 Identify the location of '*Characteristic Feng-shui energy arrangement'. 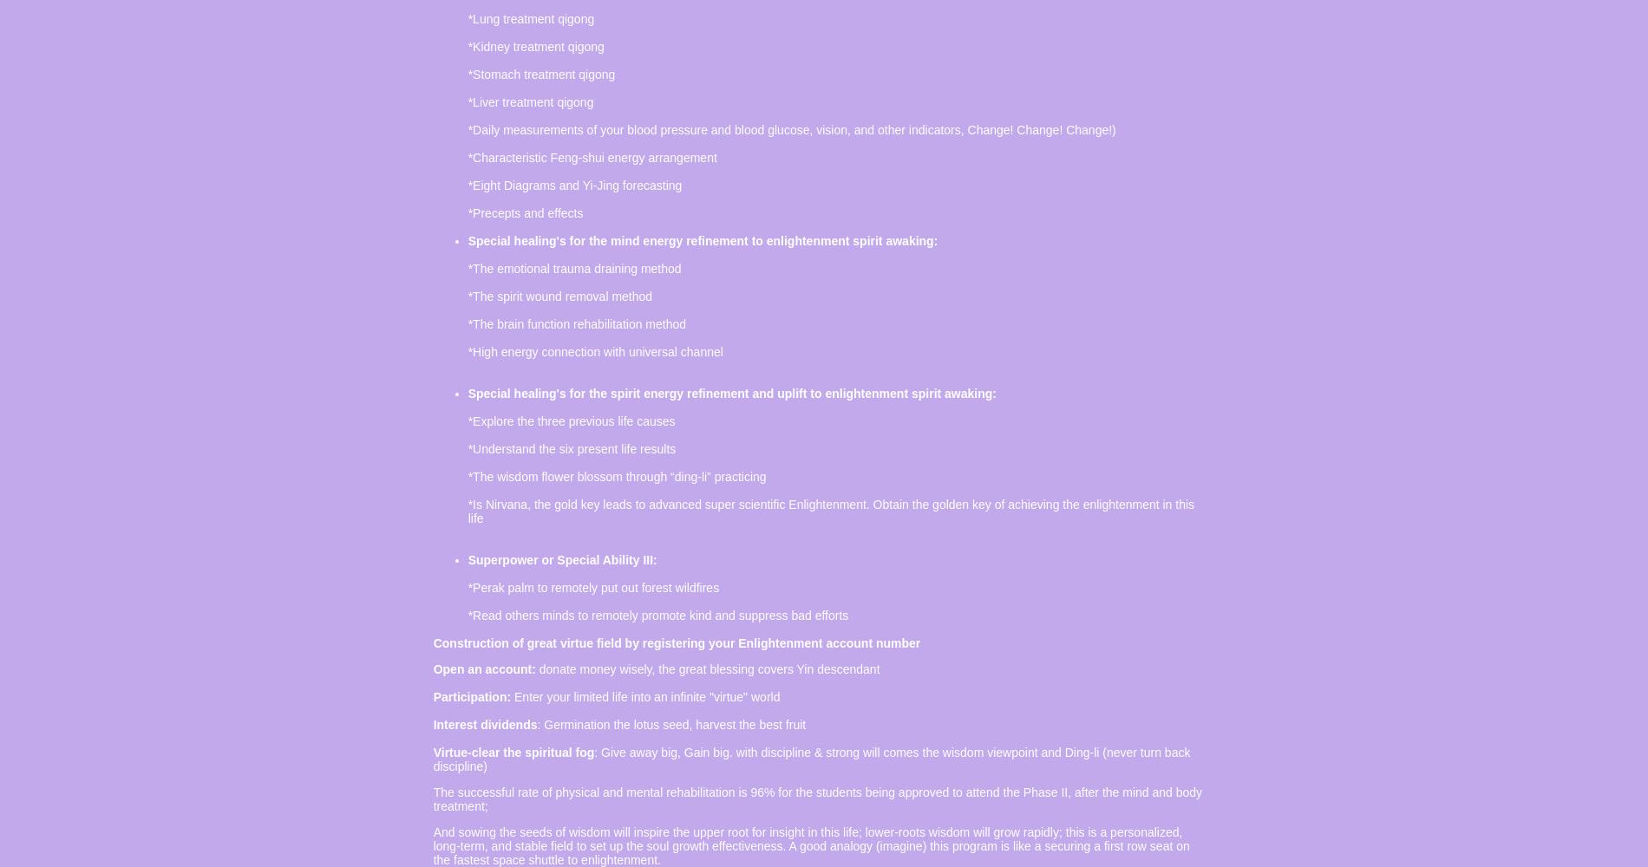
(592, 158).